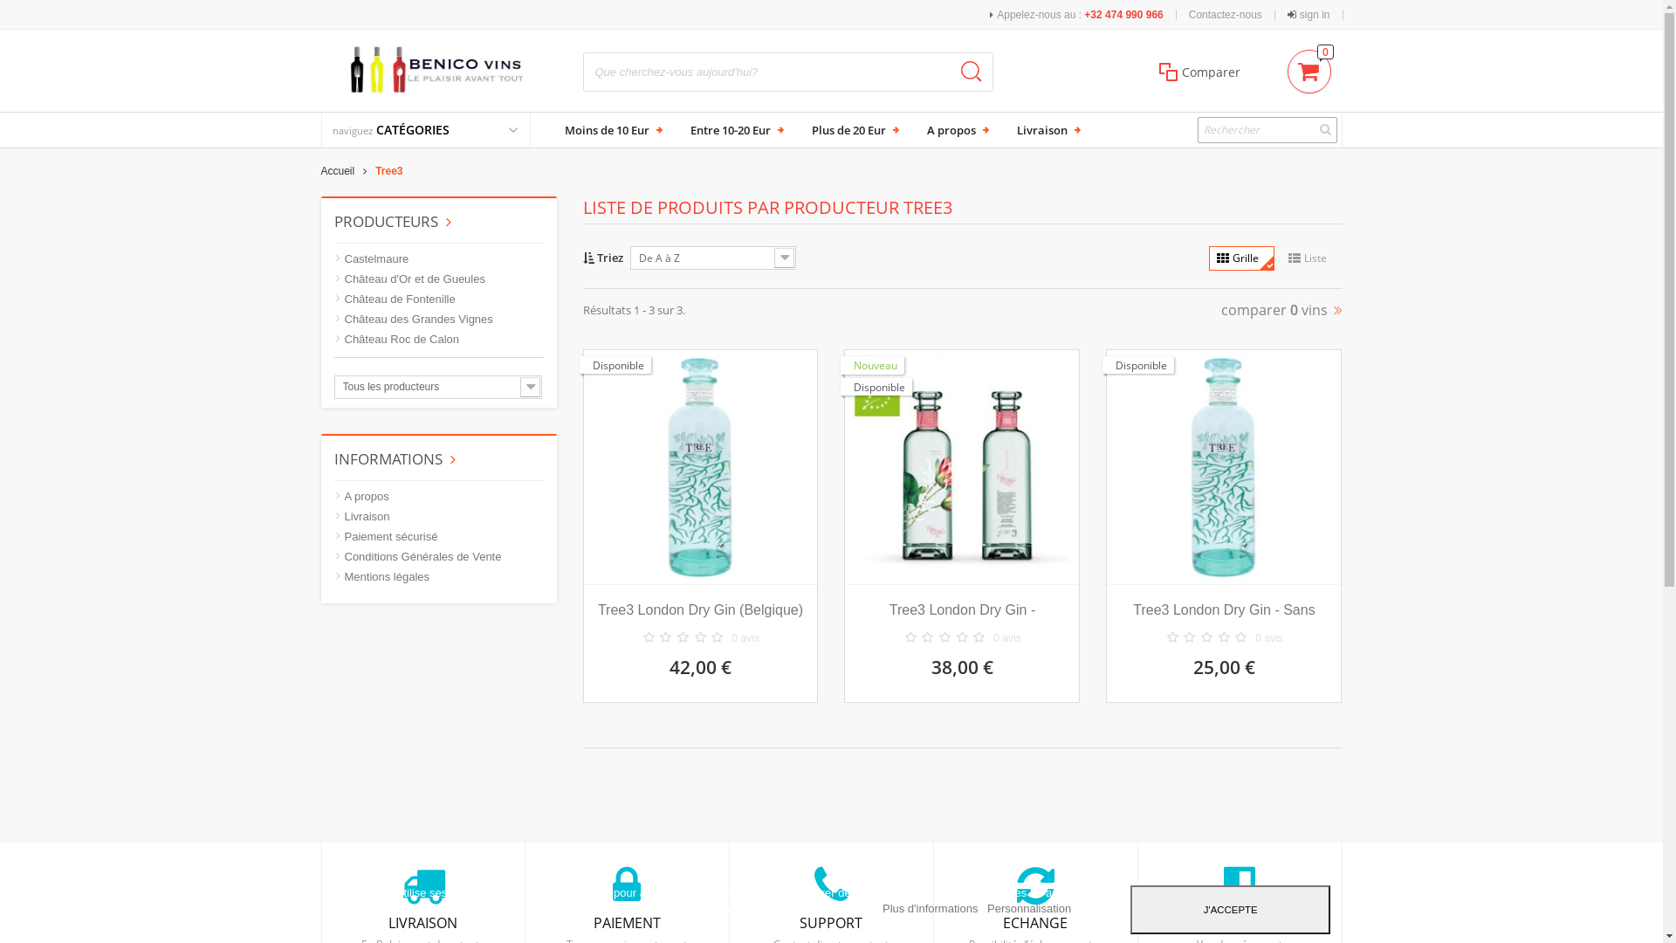  What do you see at coordinates (1309, 66) in the screenshot?
I see `'0'` at bounding box center [1309, 66].